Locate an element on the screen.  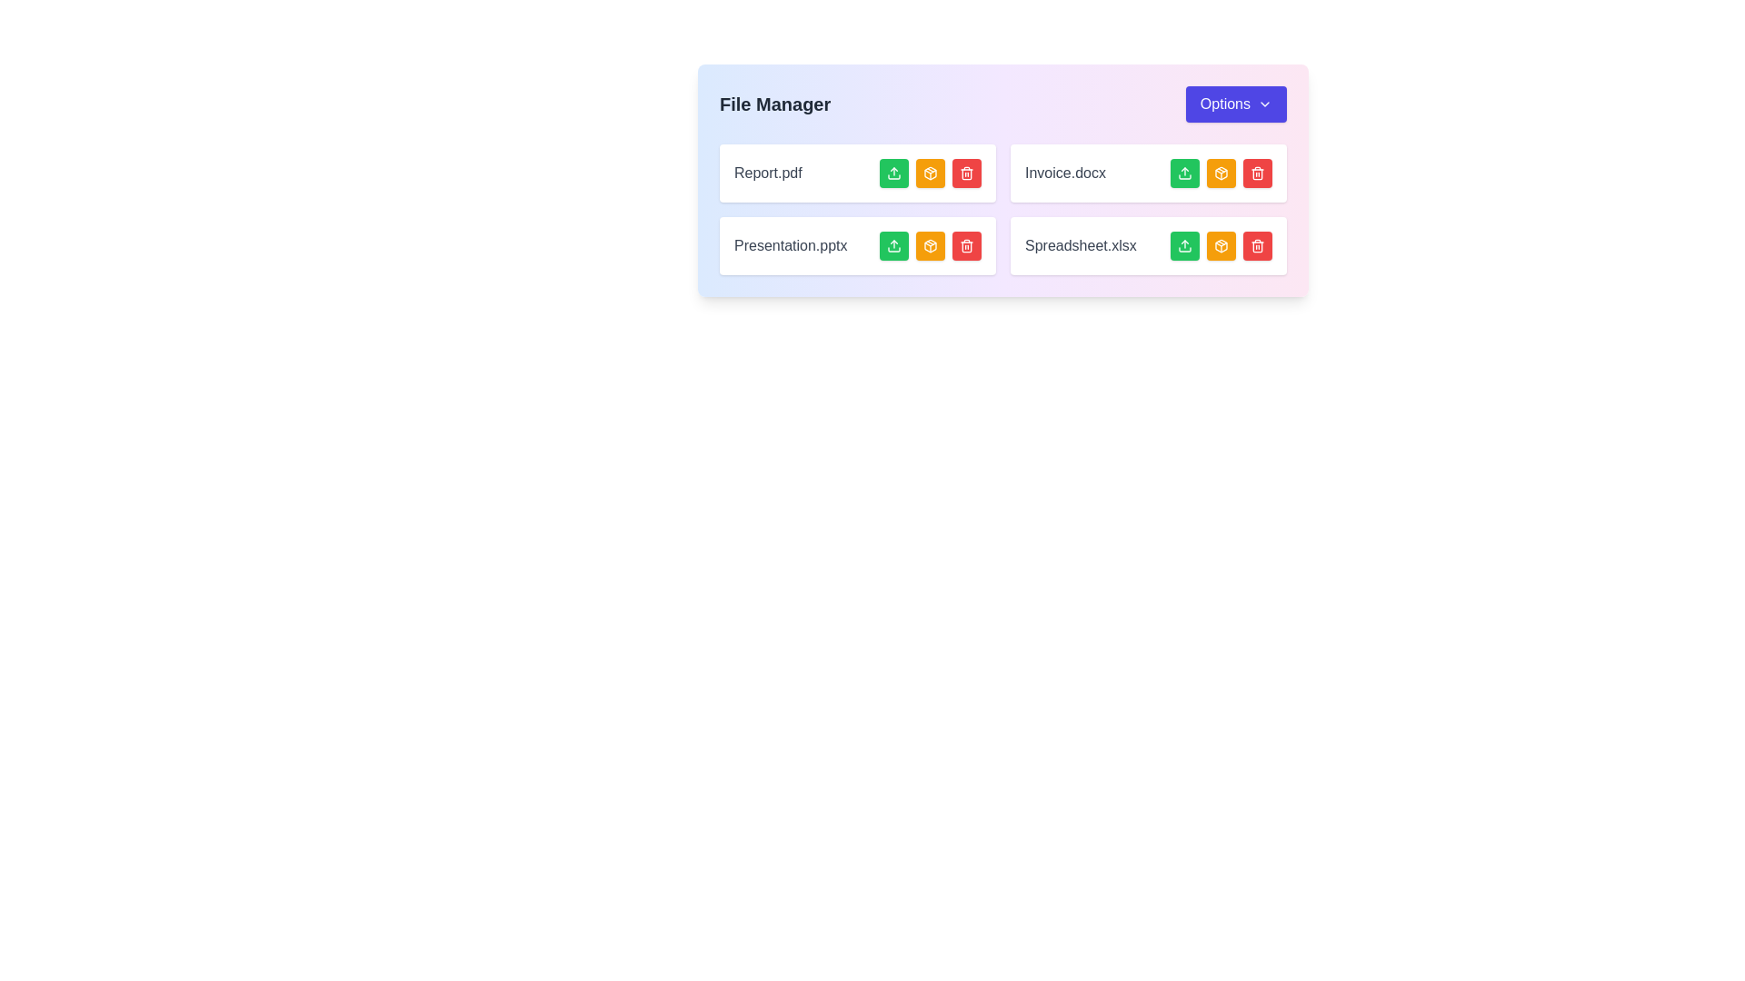
the delete icon within the red button associated with 'Spreadsheet.xlsx' is located at coordinates (1256, 245).